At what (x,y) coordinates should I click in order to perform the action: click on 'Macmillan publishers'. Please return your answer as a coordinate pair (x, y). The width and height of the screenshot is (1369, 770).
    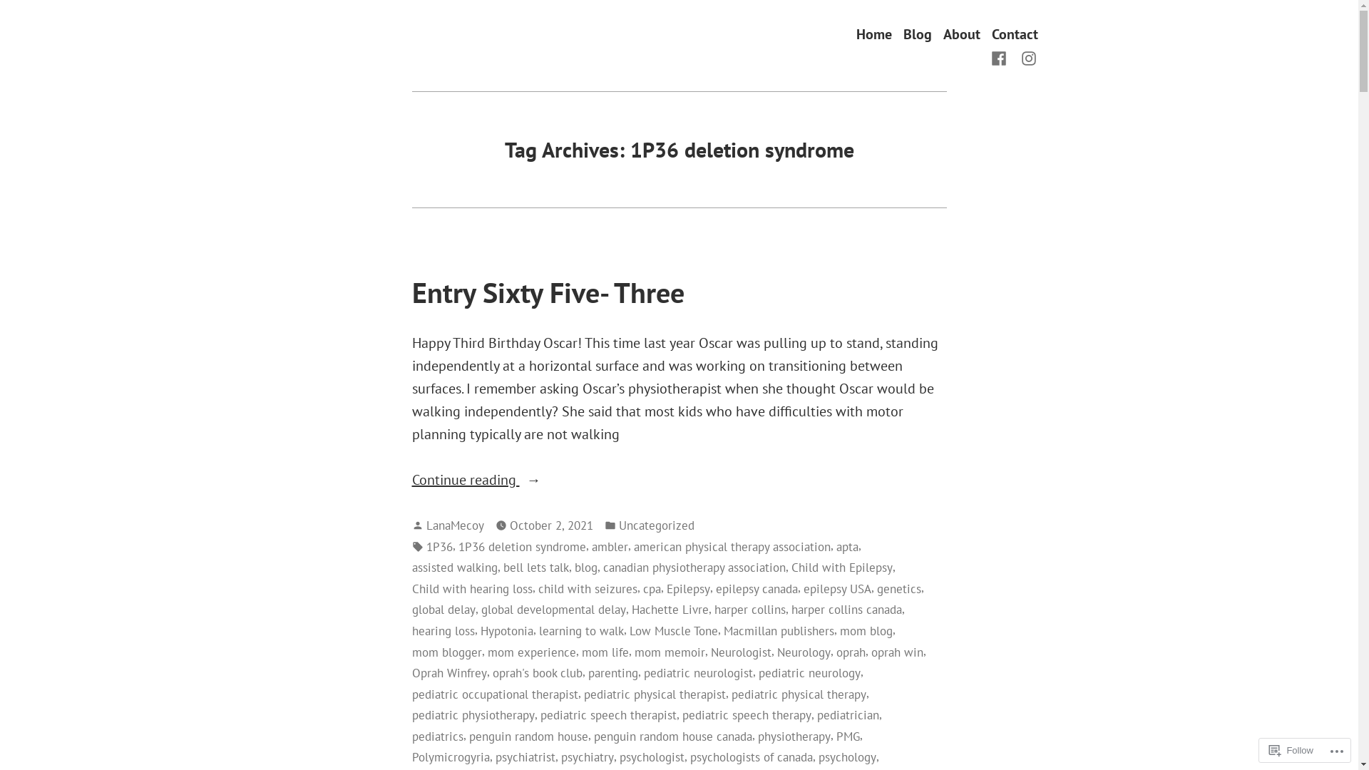
    Looking at the image, I should click on (777, 630).